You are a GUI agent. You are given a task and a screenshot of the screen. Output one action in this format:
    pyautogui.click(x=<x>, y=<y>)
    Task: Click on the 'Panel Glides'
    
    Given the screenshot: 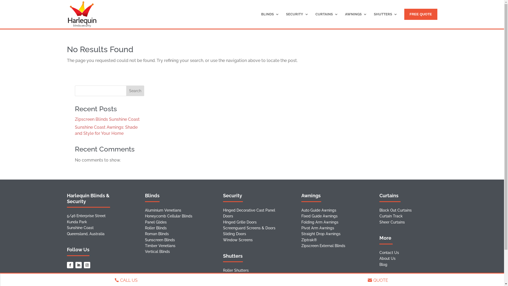 What is the action you would take?
    pyautogui.click(x=156, y=222)
    